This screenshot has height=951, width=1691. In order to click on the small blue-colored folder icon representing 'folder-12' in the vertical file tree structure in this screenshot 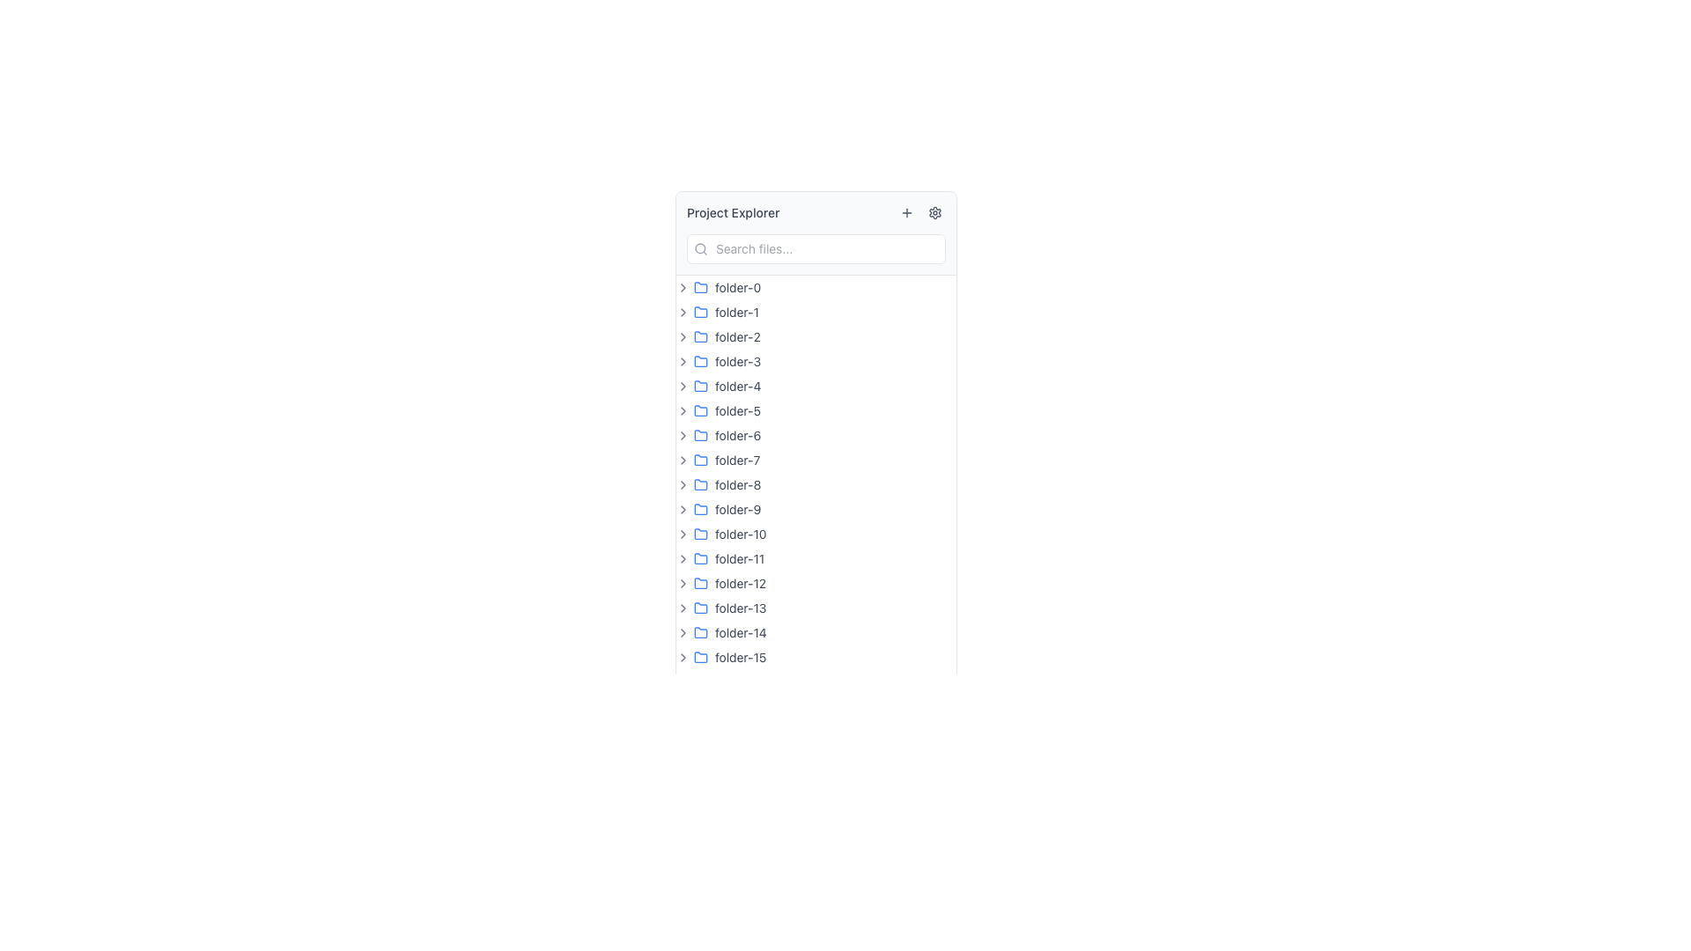, I will do `click(700, 584)`.